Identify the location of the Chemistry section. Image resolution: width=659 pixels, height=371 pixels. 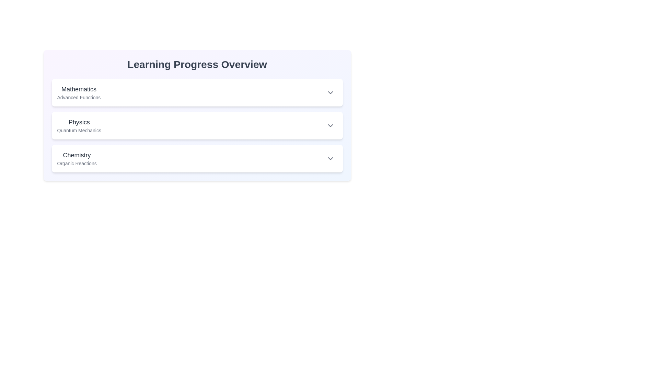
(77, 155).